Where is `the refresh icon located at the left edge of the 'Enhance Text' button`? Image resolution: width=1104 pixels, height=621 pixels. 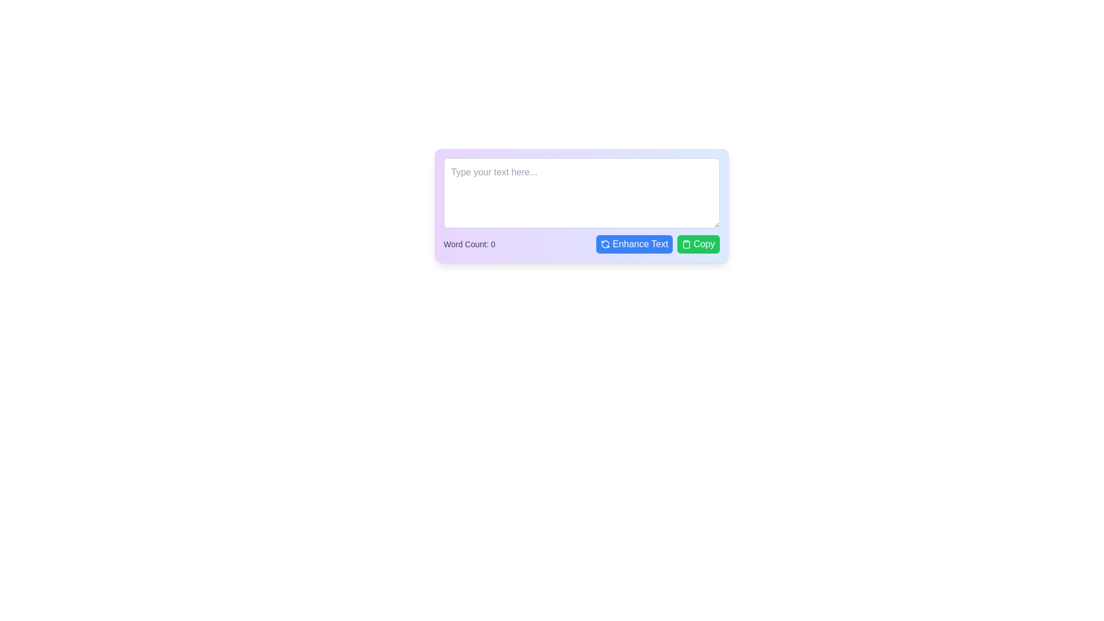 the refresh icon located at the left edge of the 'Enhance Text' button is located at coordinates (605, 243).